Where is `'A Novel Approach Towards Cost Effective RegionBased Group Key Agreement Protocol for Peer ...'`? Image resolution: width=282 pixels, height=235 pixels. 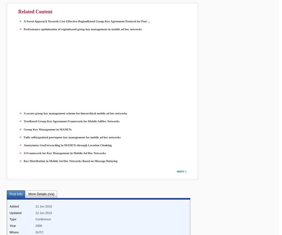
'A Novel Approach Towards Cost Effective RegionBased Group Key Agreement Protocol for Peer ...' is located at coordinates (87, 21).